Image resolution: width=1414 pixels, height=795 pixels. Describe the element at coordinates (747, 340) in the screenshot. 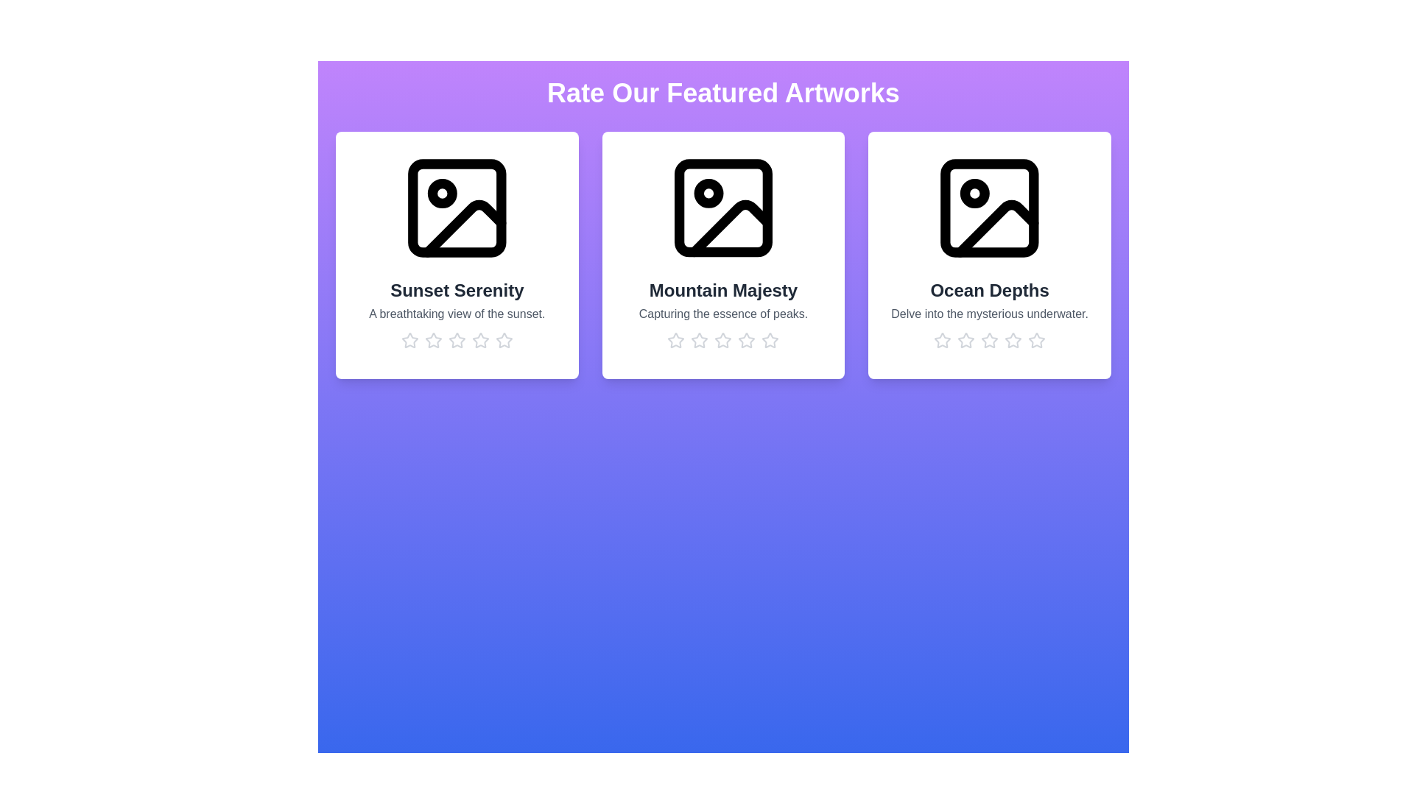

I see `the rating for the artwork 'Mountain Majesty' to 4 stars` at that location.